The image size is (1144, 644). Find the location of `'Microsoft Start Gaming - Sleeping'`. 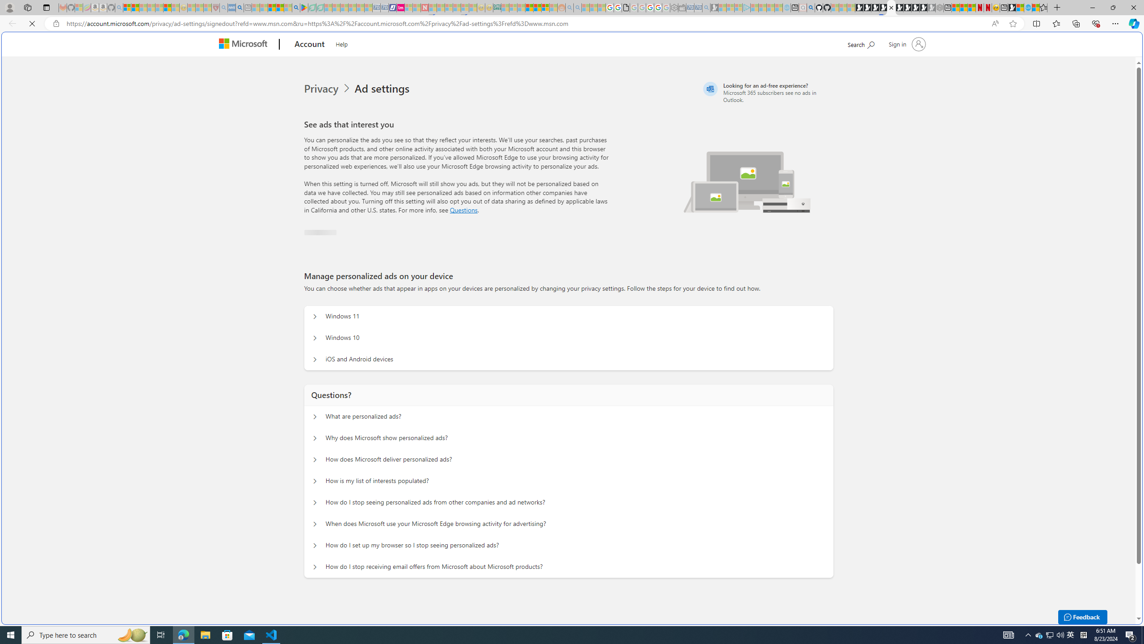

'Microsoft Start Gaming - Sleeping' is located at coordinates (714, 7).